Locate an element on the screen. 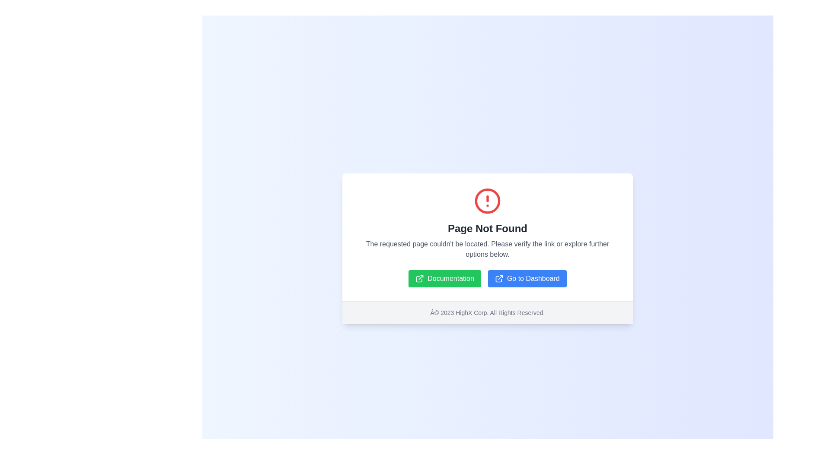  the 'Documentation' button, which is located to the left of the 'Go to Dashboard' button and contains an external link icon is located at coordinates (420, 278).